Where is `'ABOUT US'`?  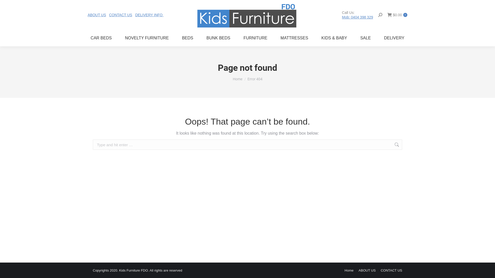 'ABOUT US' is located at coordinates (97, 14).